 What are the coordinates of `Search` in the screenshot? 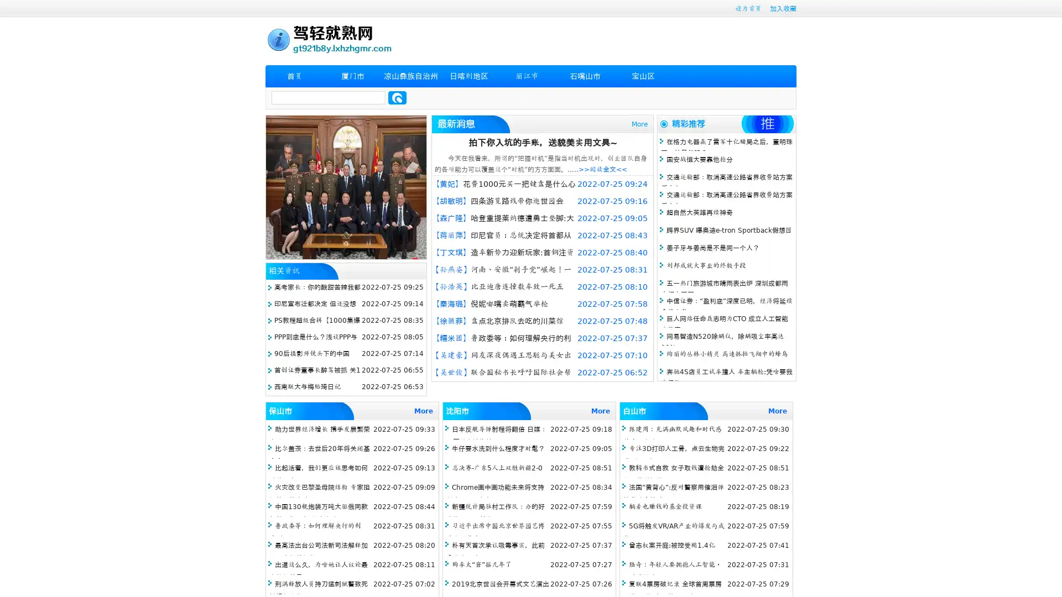 It's located at (397, 97).